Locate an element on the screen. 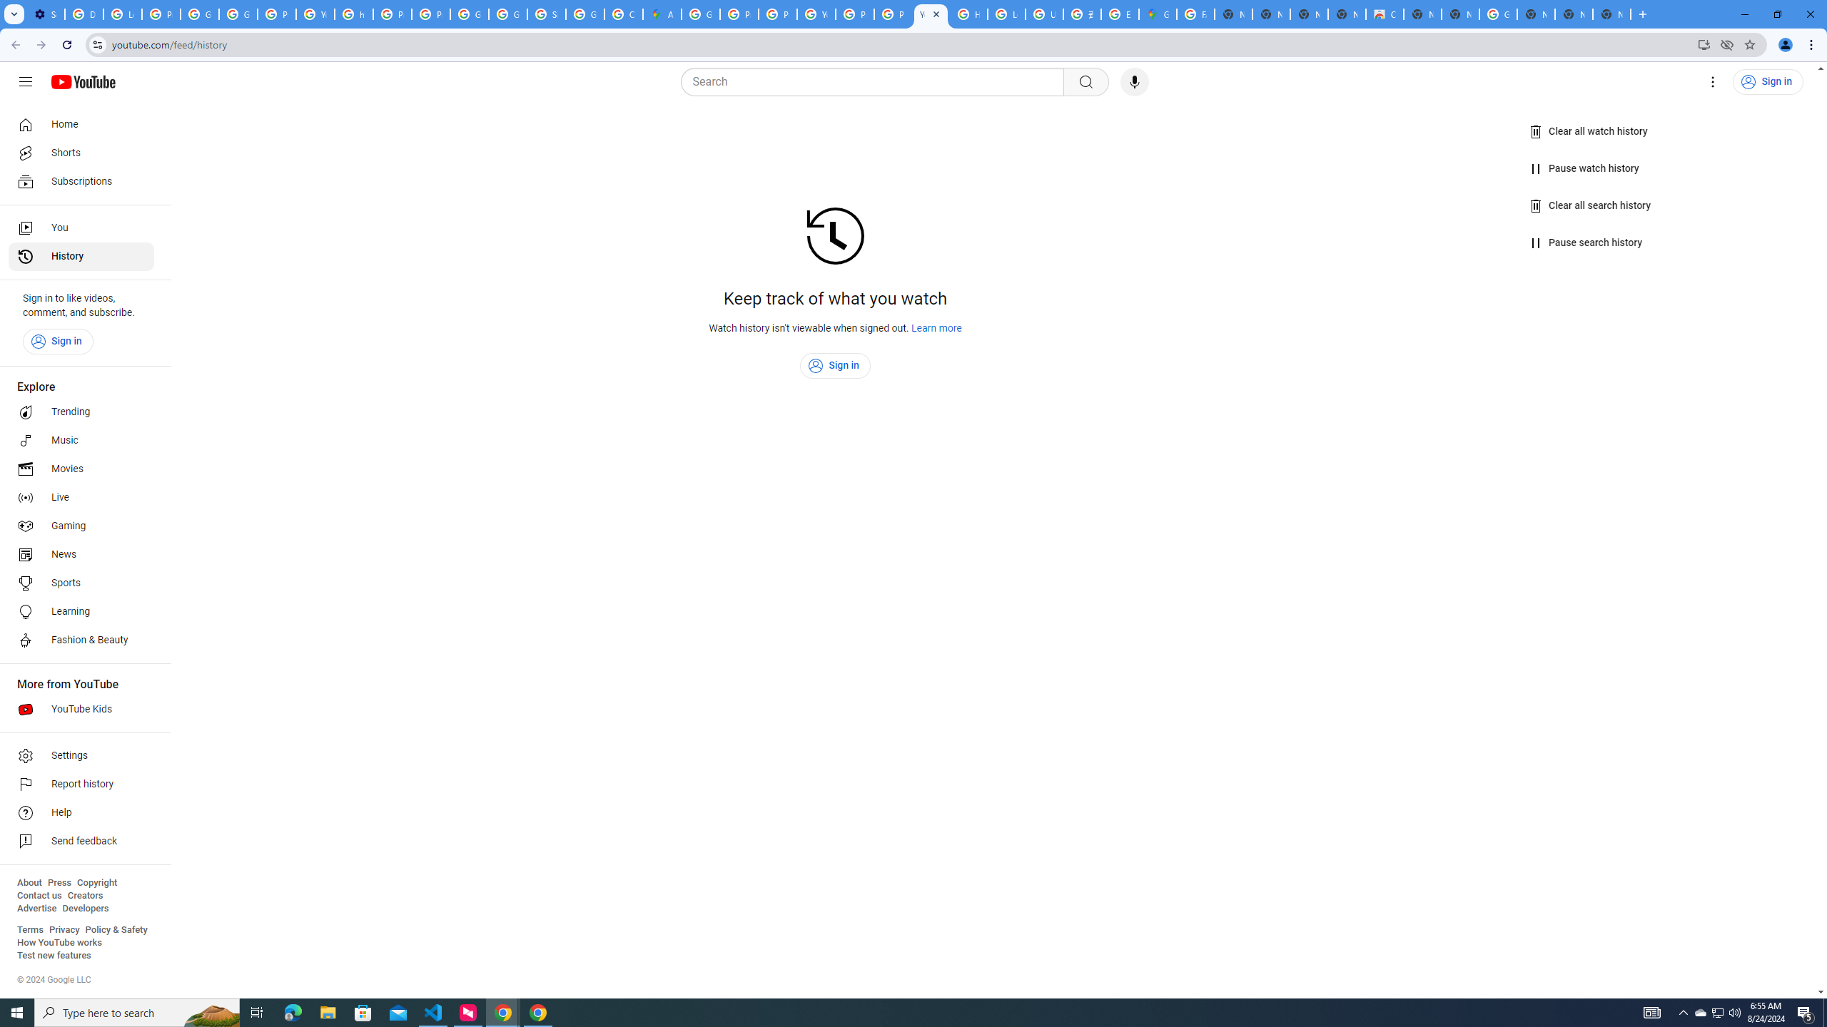 This screenshot has height=1027, width=1827. 'Guide' is located at coordinates (24, 81).